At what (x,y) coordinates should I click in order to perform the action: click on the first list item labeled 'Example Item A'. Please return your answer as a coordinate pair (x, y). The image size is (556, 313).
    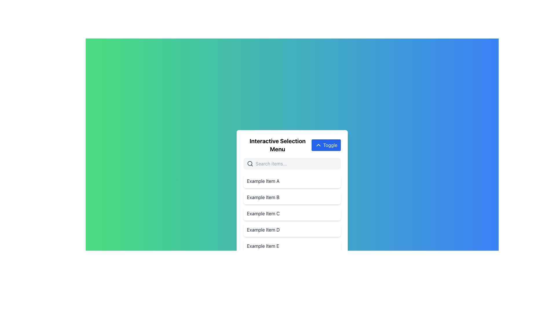
    Looking at the image, I should click on (292, 181).